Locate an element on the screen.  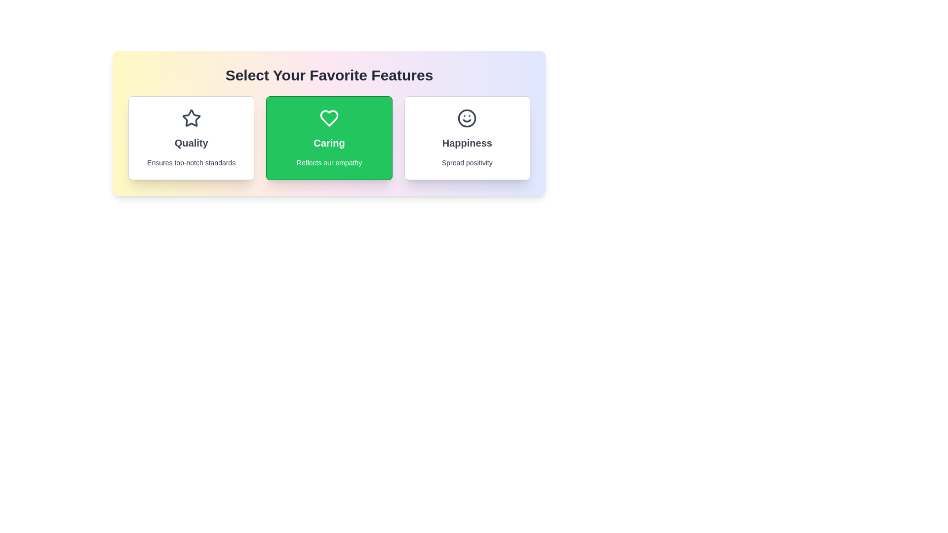
the feature card labeled Happiness is located at coordinates (467, 138).